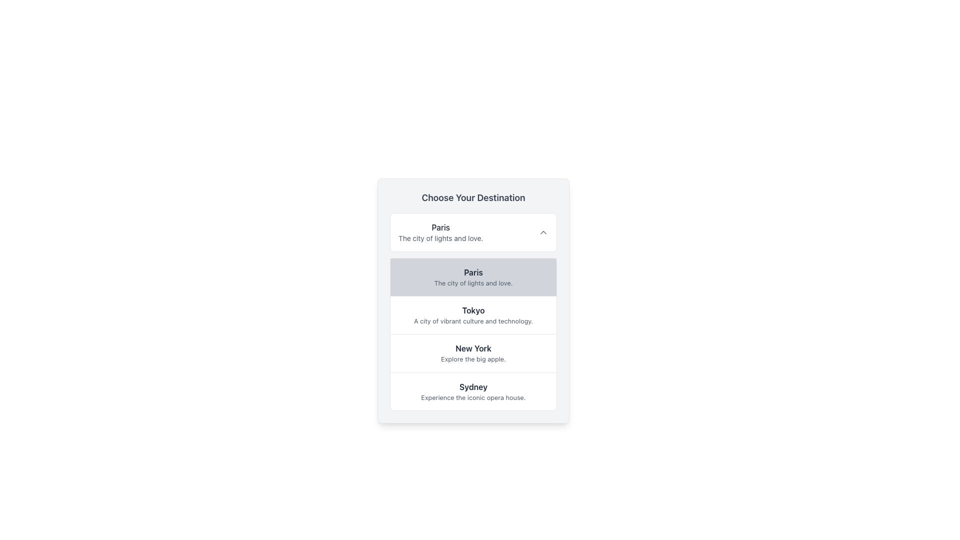  Describe the element at coordinates (472, 277) in the screenshot. I see `the first selectable item labeled 'Paris' in the destination list` at that location.